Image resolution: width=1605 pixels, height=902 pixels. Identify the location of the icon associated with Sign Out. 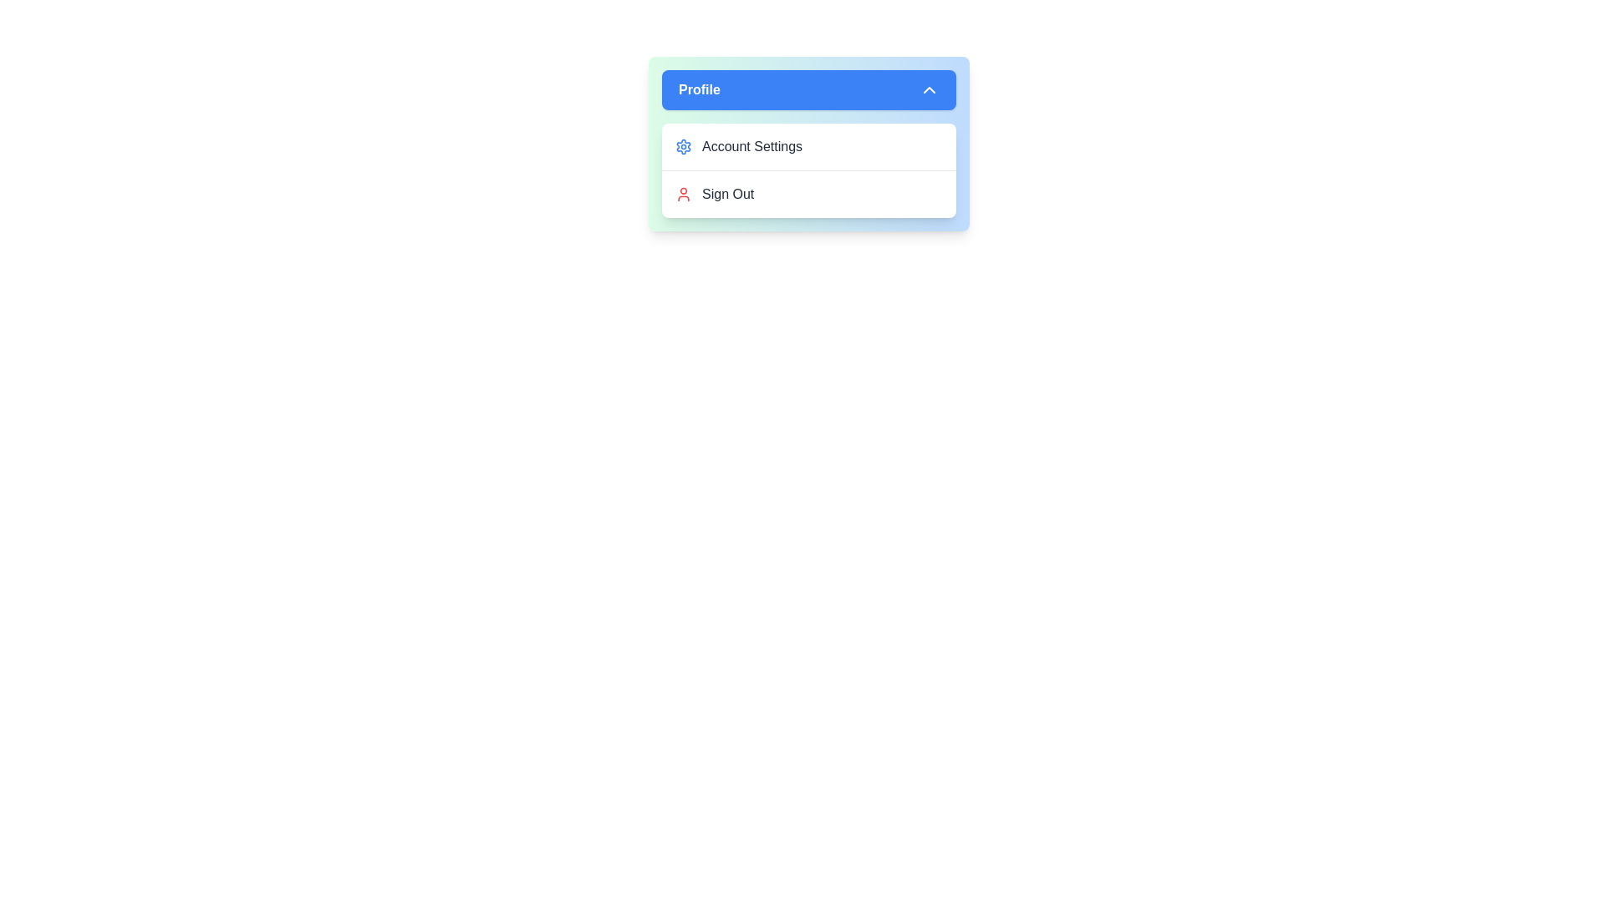
(683, 193).